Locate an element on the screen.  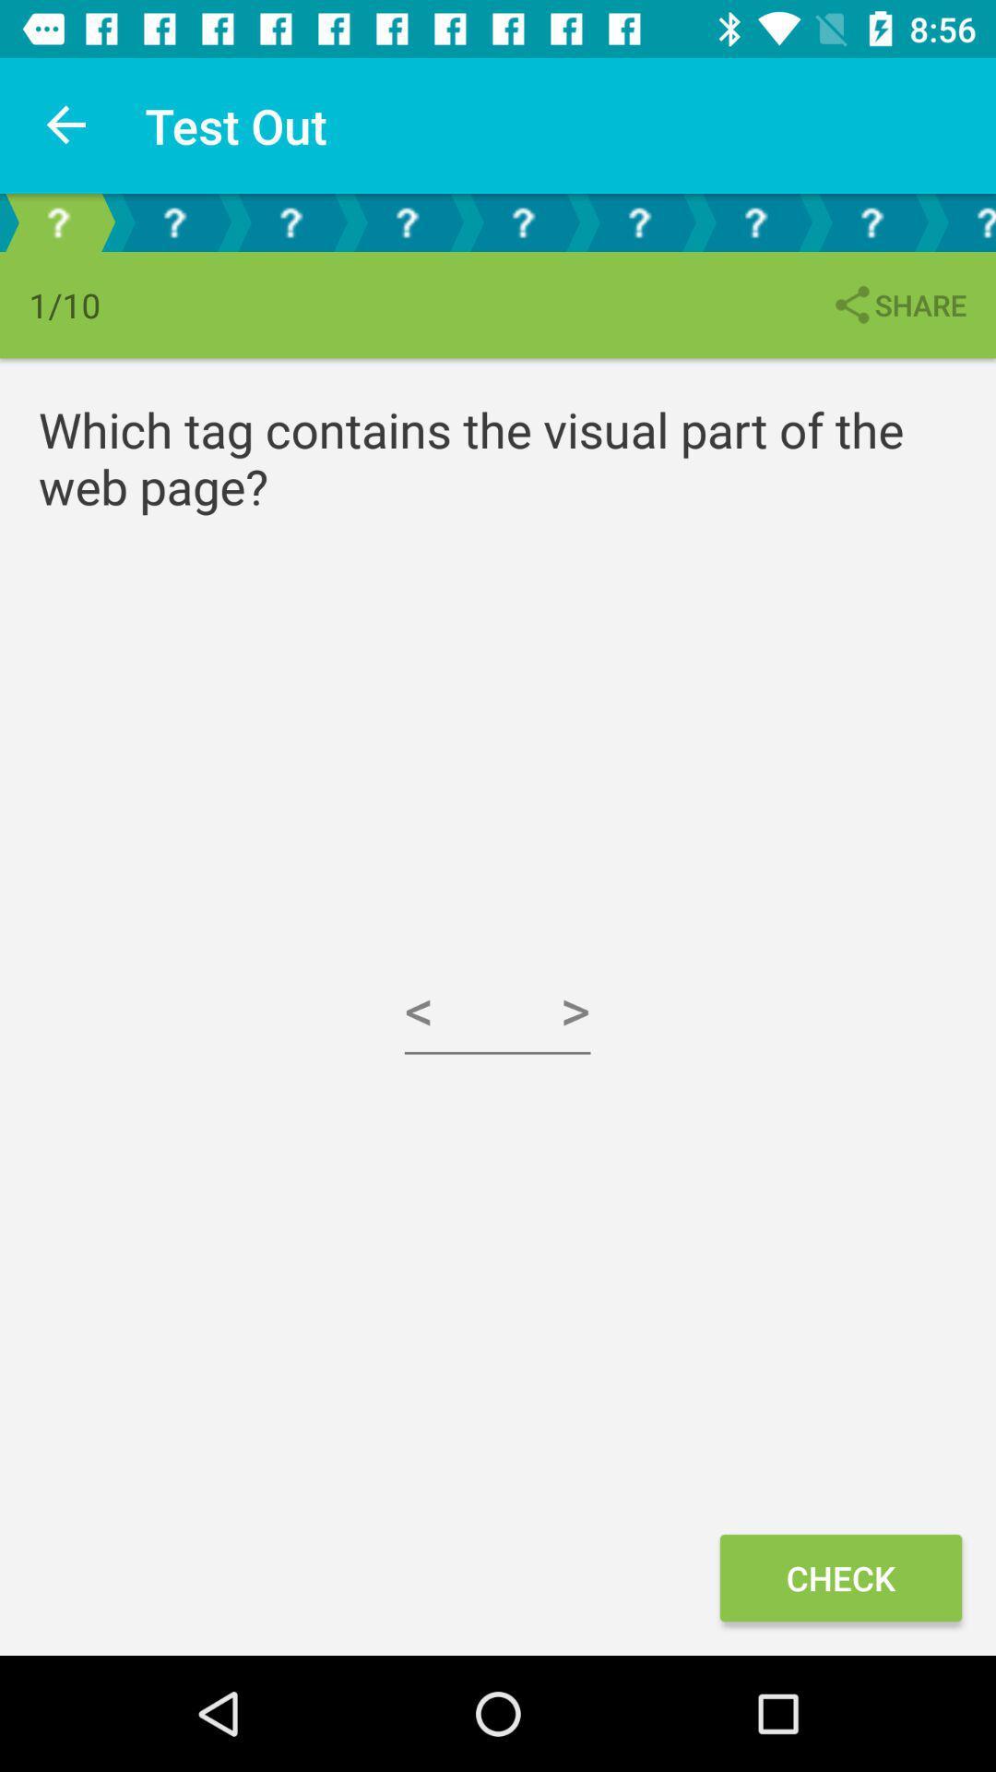
the ninth question of the test is located at coordinates (962, 221).